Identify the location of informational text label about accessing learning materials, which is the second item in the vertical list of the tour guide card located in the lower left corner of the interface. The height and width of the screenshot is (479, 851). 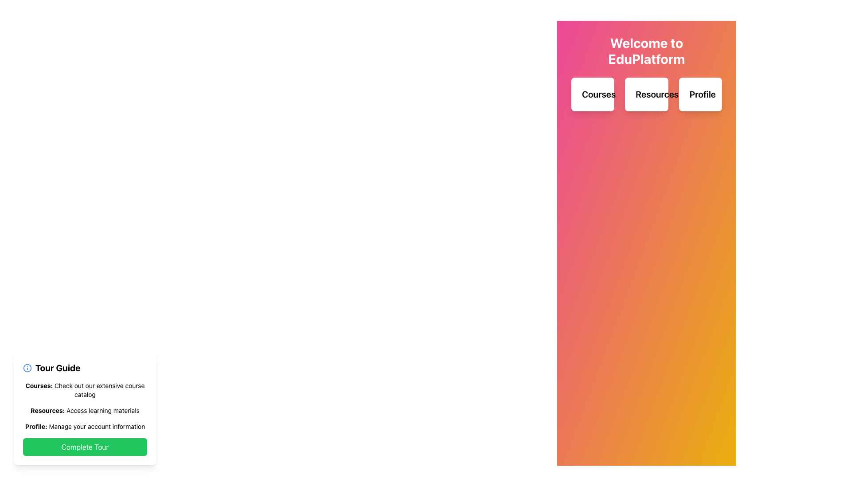
(85, 410).